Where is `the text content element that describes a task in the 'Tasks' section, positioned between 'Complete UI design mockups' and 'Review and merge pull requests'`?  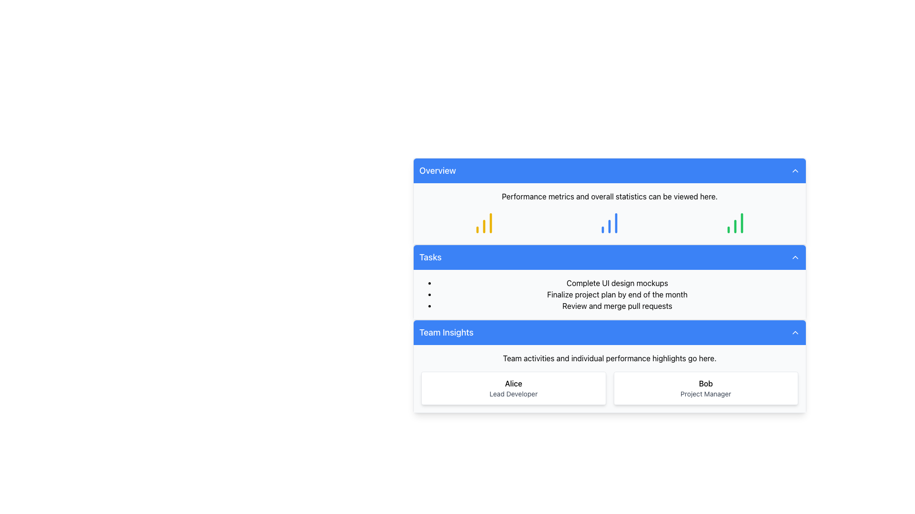 the text content element that describes a task in the 'Tasks' section, positioned between 'Complete UI design mockups' and 'Review and merge pull requests' is located at coordinates (617, 294).